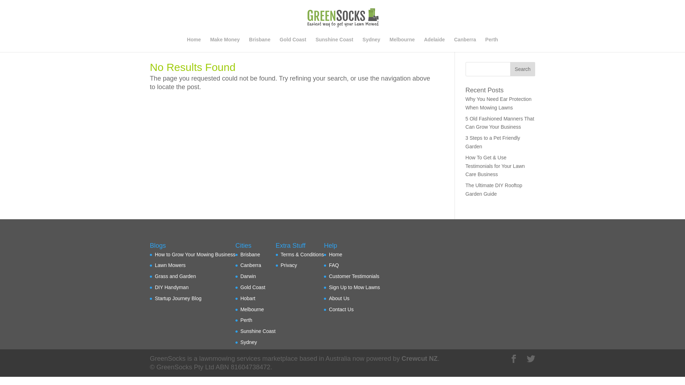 This screenshot has height=385, width=685. I want to click on 'Lawn Mowers', so click(169, 265).